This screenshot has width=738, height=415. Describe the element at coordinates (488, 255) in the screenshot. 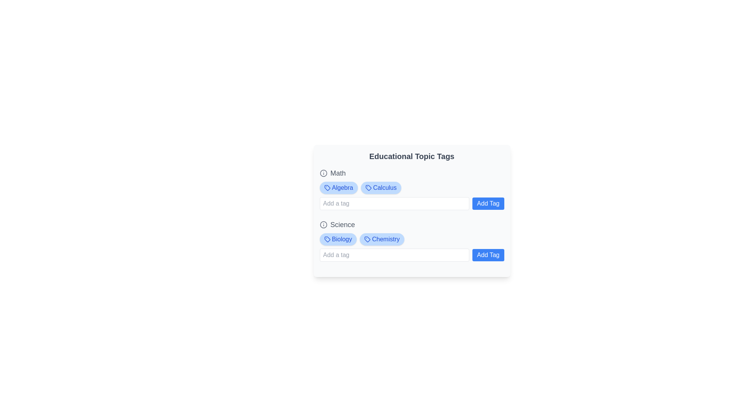

I see `the rectangular blue button labeled 'Add Tag'` at that location.